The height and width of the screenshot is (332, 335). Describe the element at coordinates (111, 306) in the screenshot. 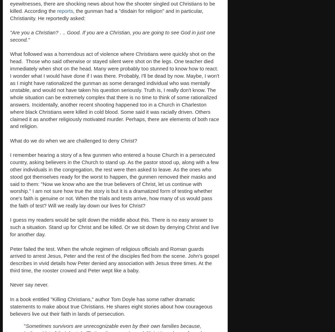

I see `'In a book entitled "Killing Christians," author Tom Doyle has some rather dramatic statements to make about true Christians. He shares eight stories about how courageous believers live out their faith in lands of persecution.'` at that location.